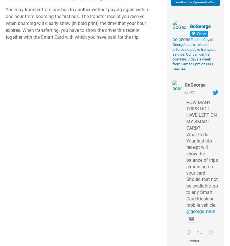  Describe the element at coordinates (77, 23) in the screenshot. I see `'You may transfer from one bus to another without paying again within one hour from boarding the first bus. The transfer receipt you receive when boarding will clearly show (in bold print) the time that your hour expires. When transferring, you have to show the driver this receipt together with the Smart Card with which you have paid for the trip.'` at that location.